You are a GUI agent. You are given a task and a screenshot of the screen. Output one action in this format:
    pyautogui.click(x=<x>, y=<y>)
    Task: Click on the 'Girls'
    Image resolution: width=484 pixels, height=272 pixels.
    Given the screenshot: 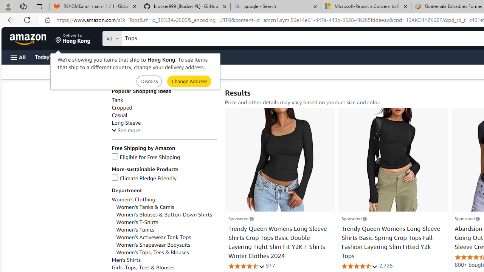 What is the action you would take?
    pyautogui.click(x=164, y=267)
    